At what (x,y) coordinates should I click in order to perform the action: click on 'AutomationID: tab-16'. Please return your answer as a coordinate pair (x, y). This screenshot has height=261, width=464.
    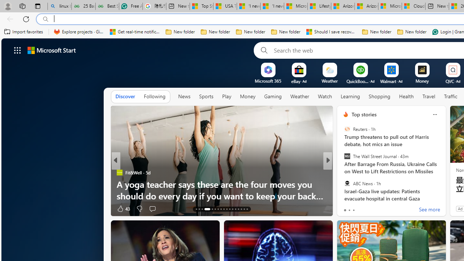
    Looking at the image, I should click on (207, 209).